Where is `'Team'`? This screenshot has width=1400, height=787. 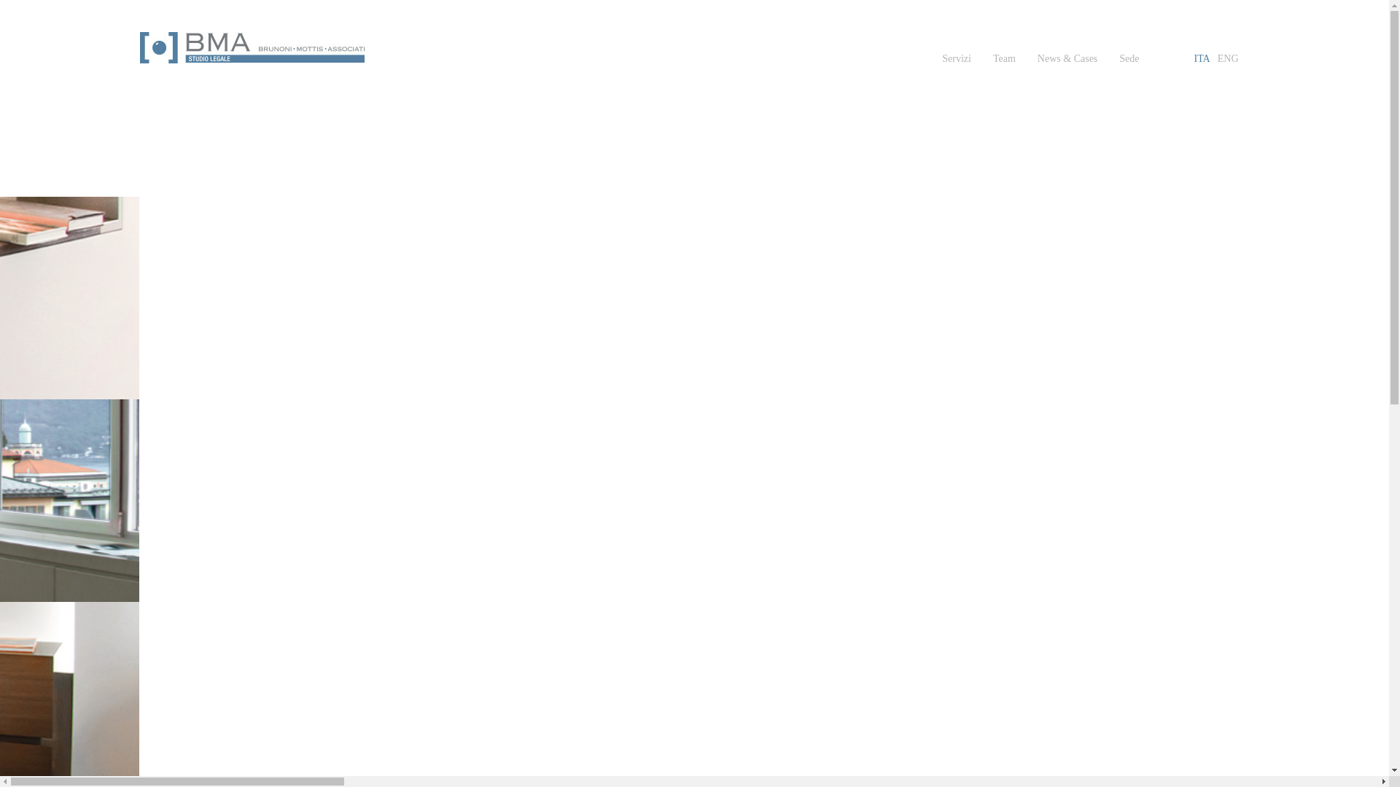
'Team' is located at coordinates (1003, 58).